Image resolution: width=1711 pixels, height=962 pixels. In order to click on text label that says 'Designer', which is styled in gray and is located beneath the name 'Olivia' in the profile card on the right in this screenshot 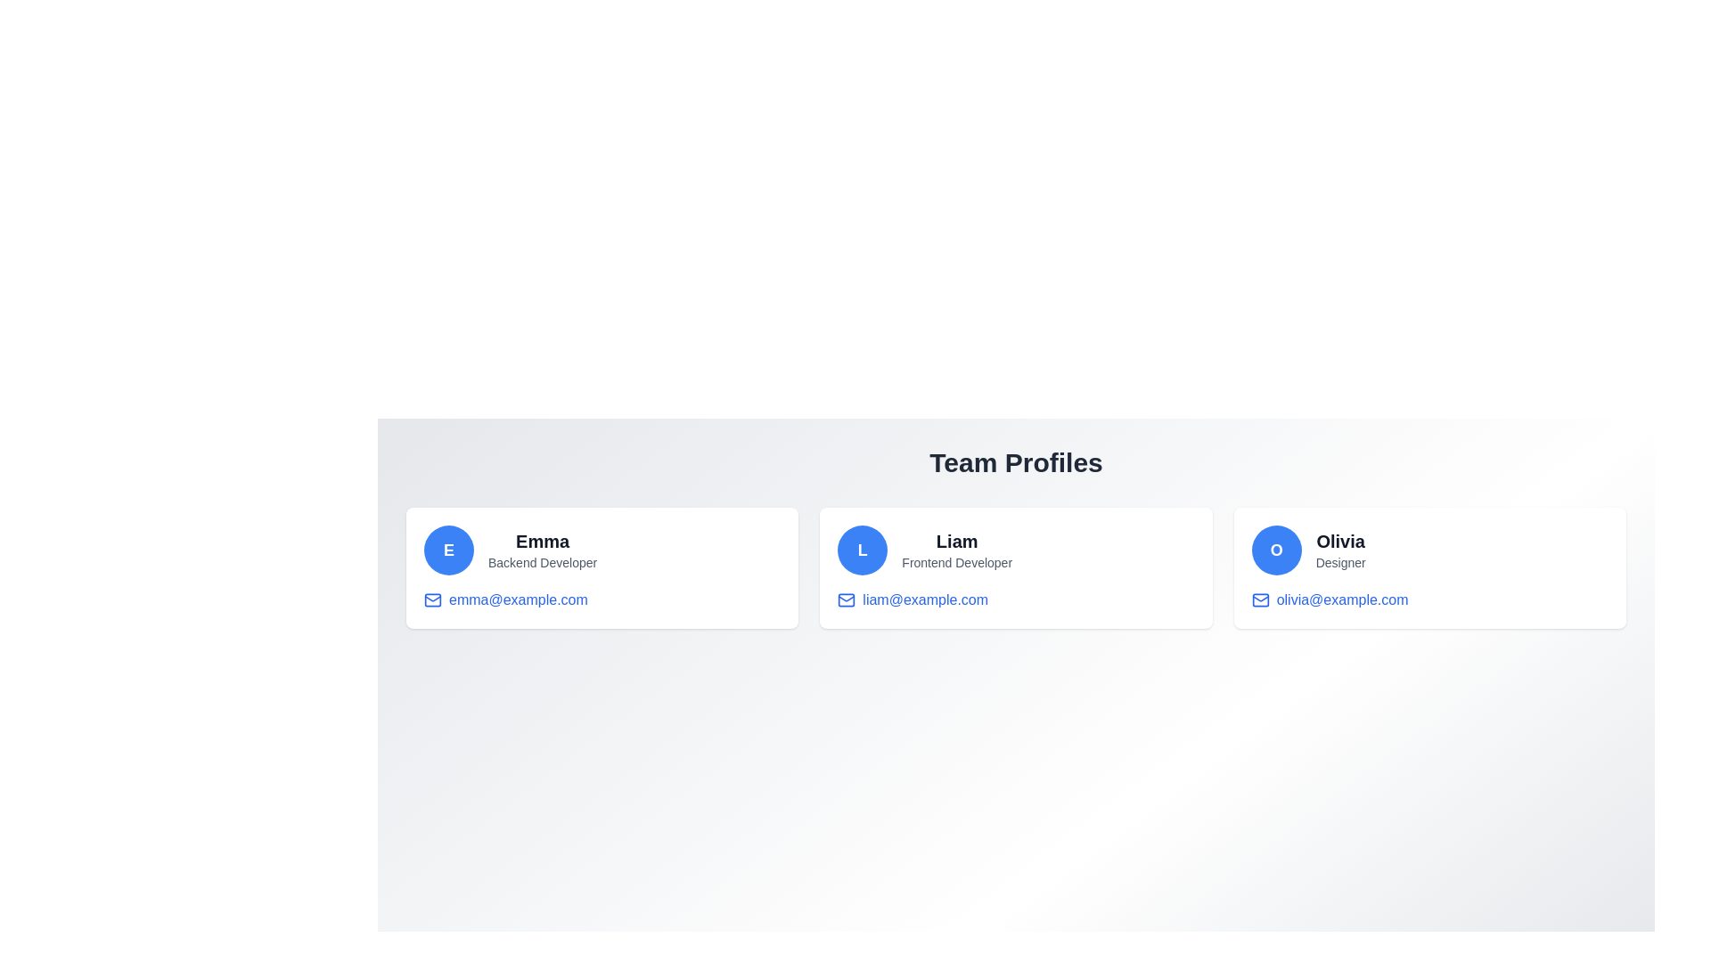, I will do `click(1340, 563)`.